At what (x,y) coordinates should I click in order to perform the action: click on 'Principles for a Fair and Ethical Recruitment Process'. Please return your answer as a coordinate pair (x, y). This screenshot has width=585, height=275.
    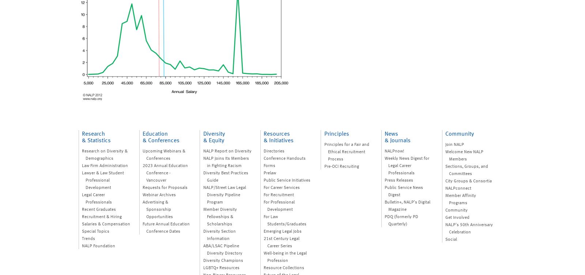
    Looking at the image, I should click on (323, 151).